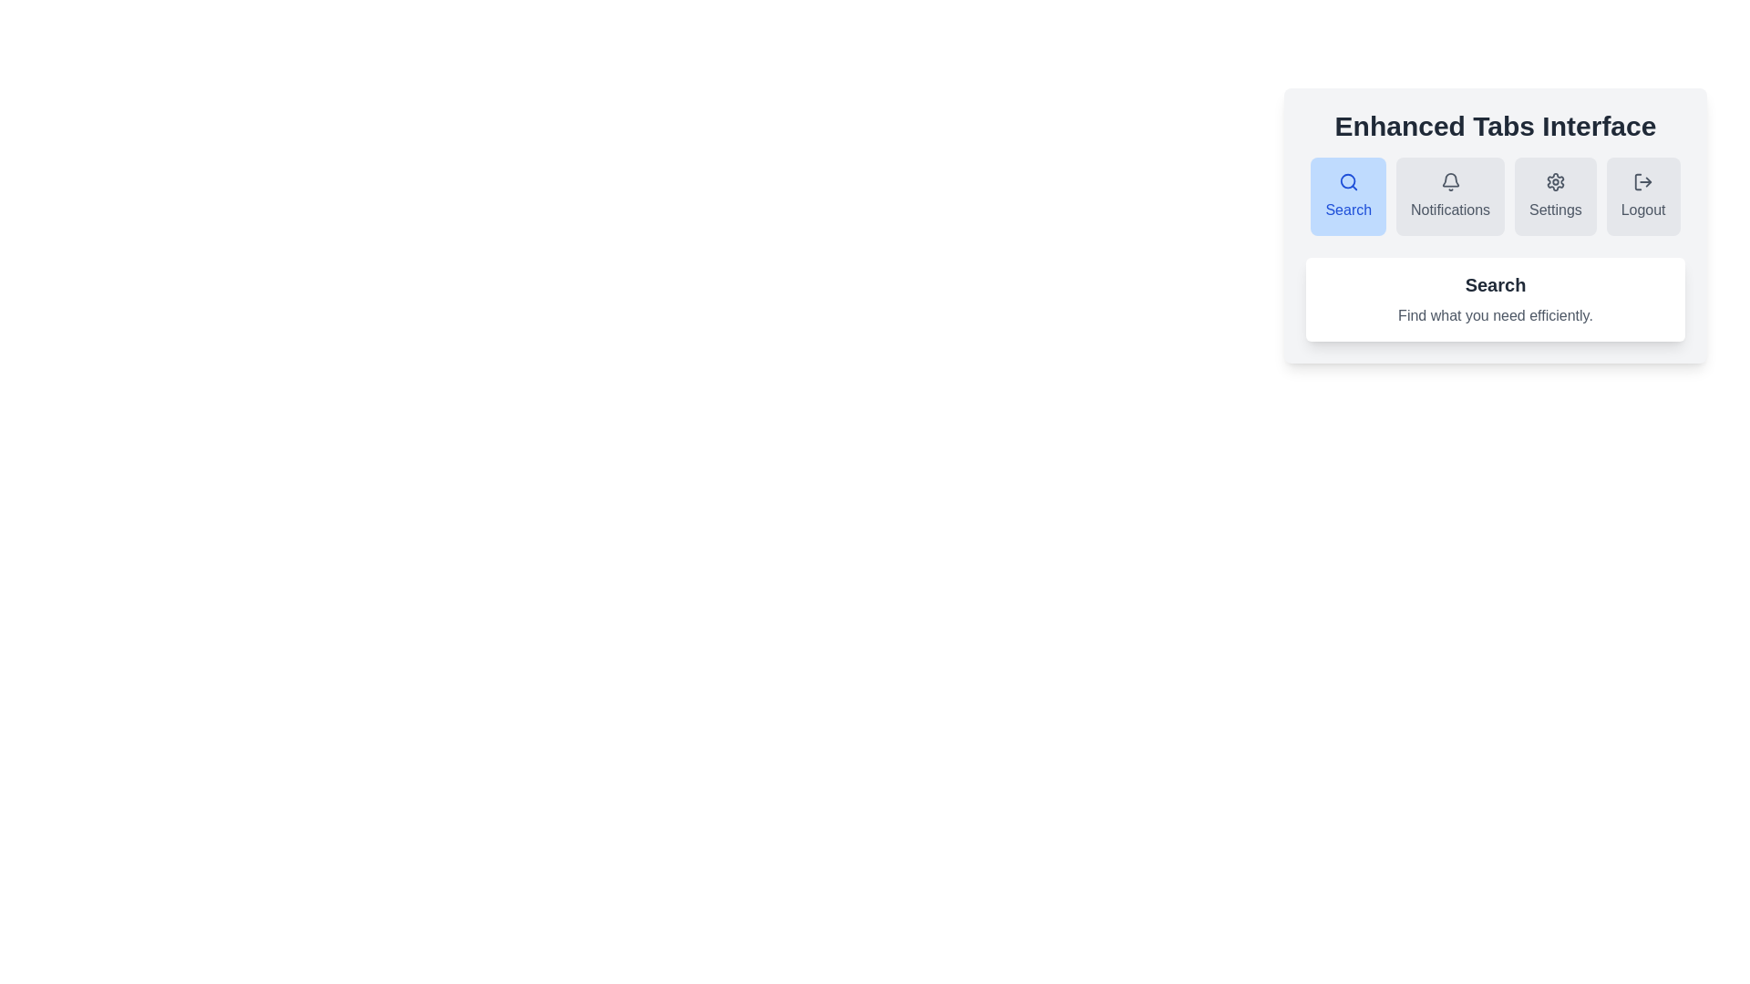  What do you see at coordinates (1643, 197) in the screenshot?
I see `the Logout tab to view its content` at bounding box center [1643, 197].